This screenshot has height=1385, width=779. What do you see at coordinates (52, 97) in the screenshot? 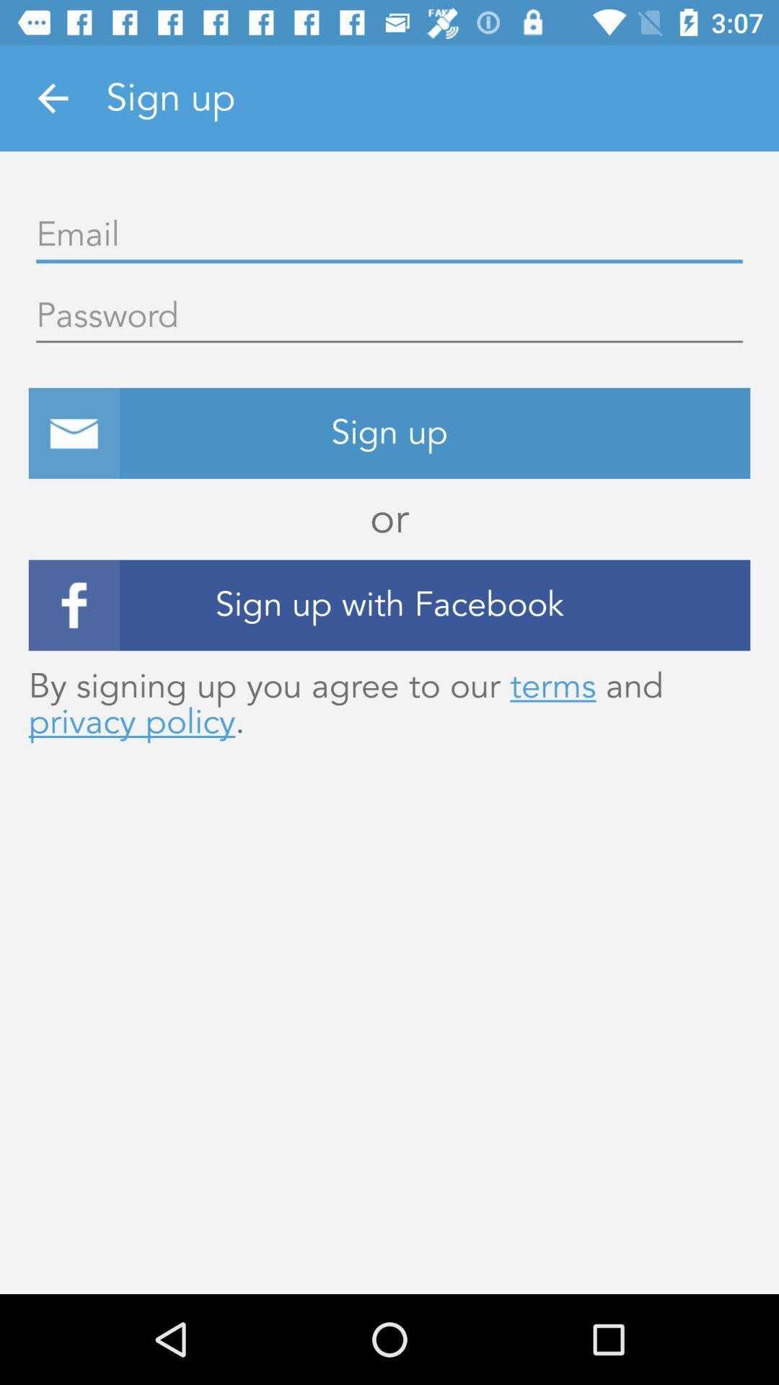
I see `the item to the left of sign up item` at bounding box center [52, 97].